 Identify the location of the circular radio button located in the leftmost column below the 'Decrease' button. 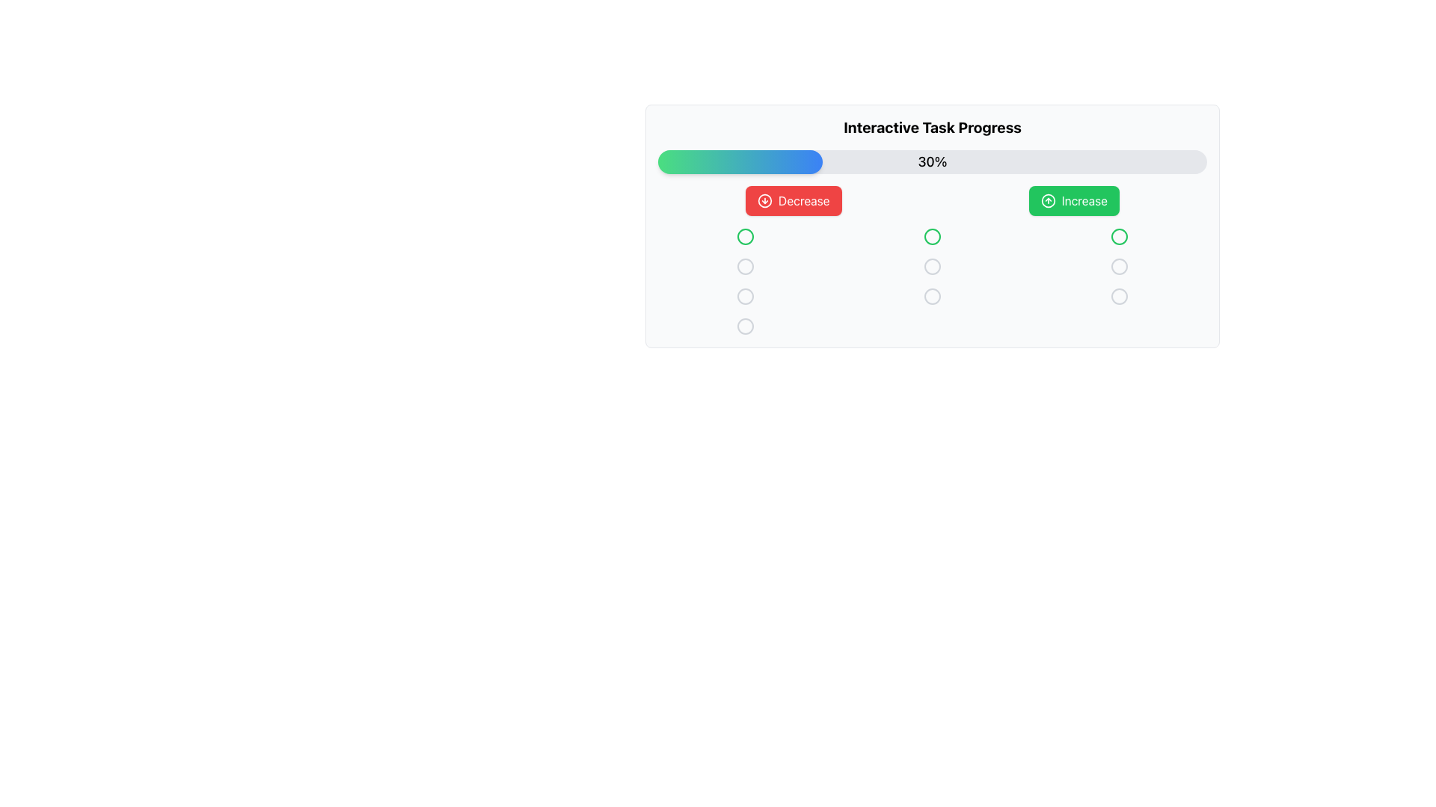
(746, 235).